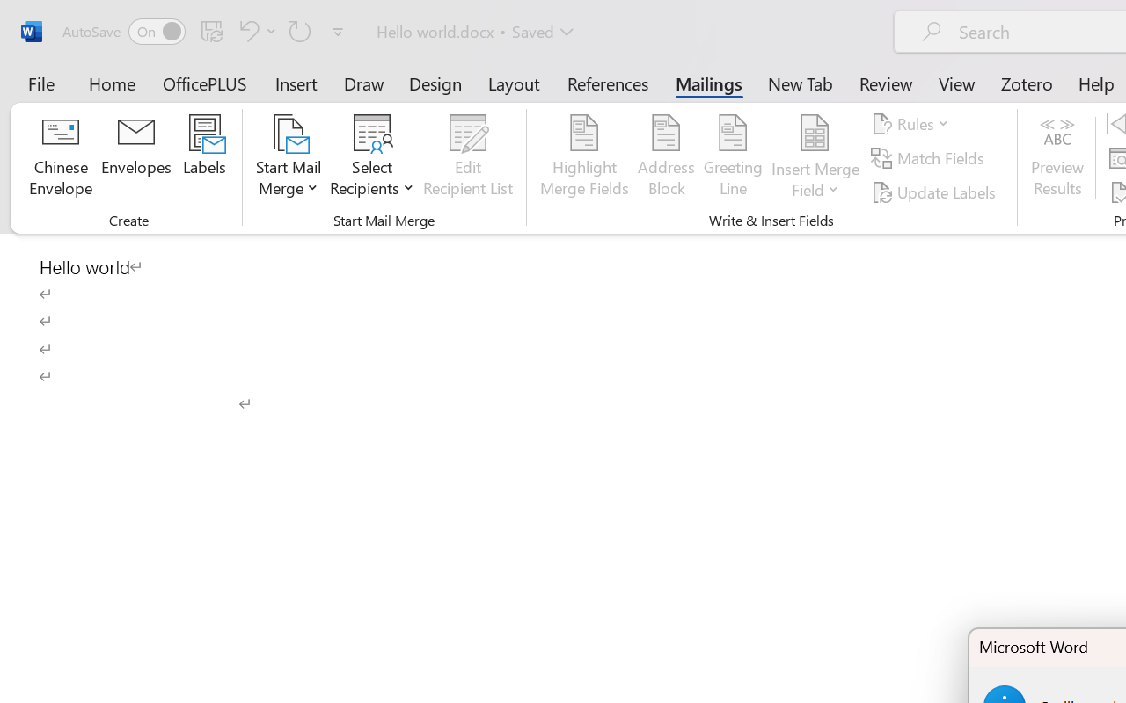 The width and height of the screenshot is (1126, 703). Describe the element at coordinates (300, 30) in the screenshot. I see `'Can'` at that location.